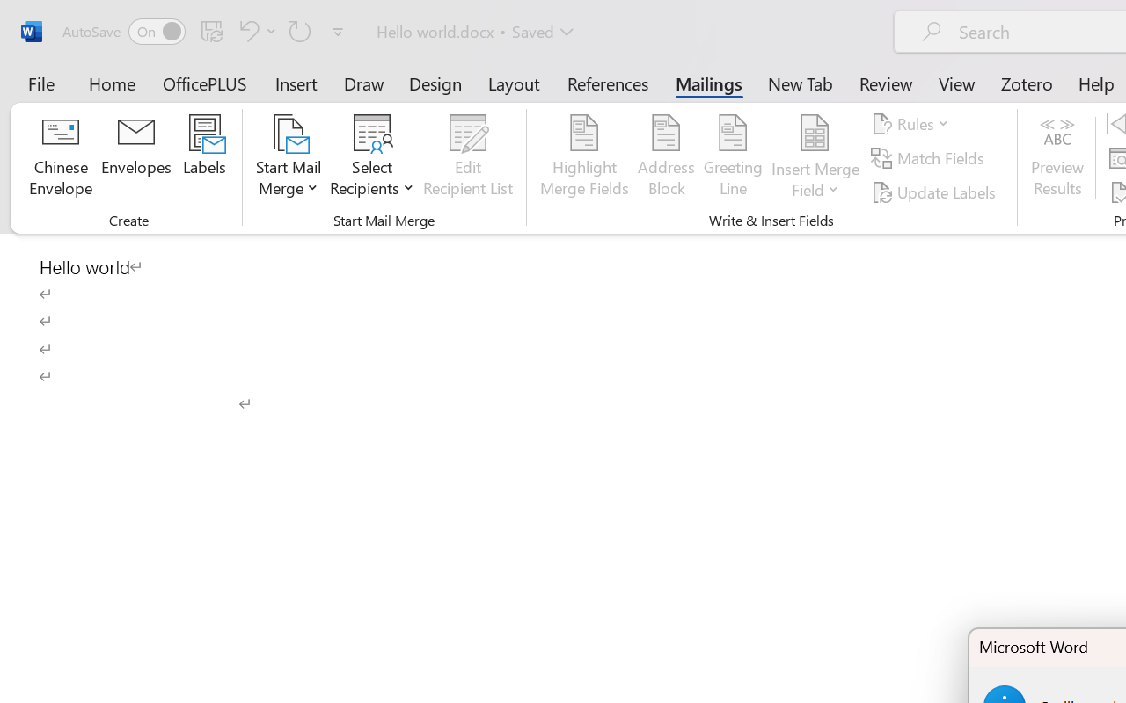 The width and height of the screenshot is (1126, 703). Describe the element at coordinates (300, 30) in the screenshot. I see `'Can'` at that location.